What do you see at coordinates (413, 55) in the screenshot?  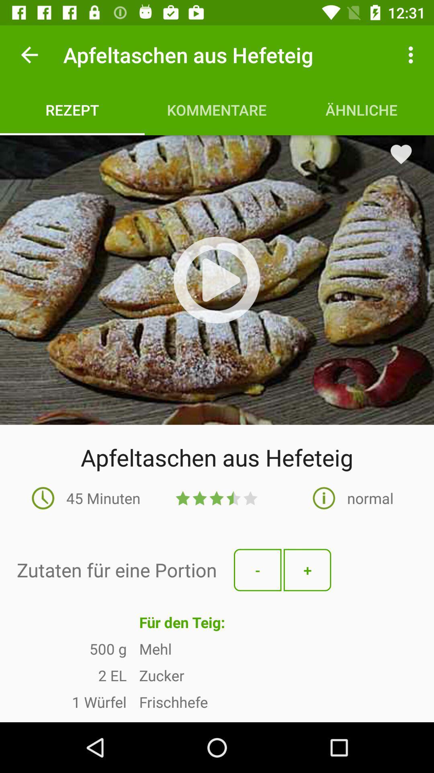 I see `menu button at top right` at bounding box center [413, 55].